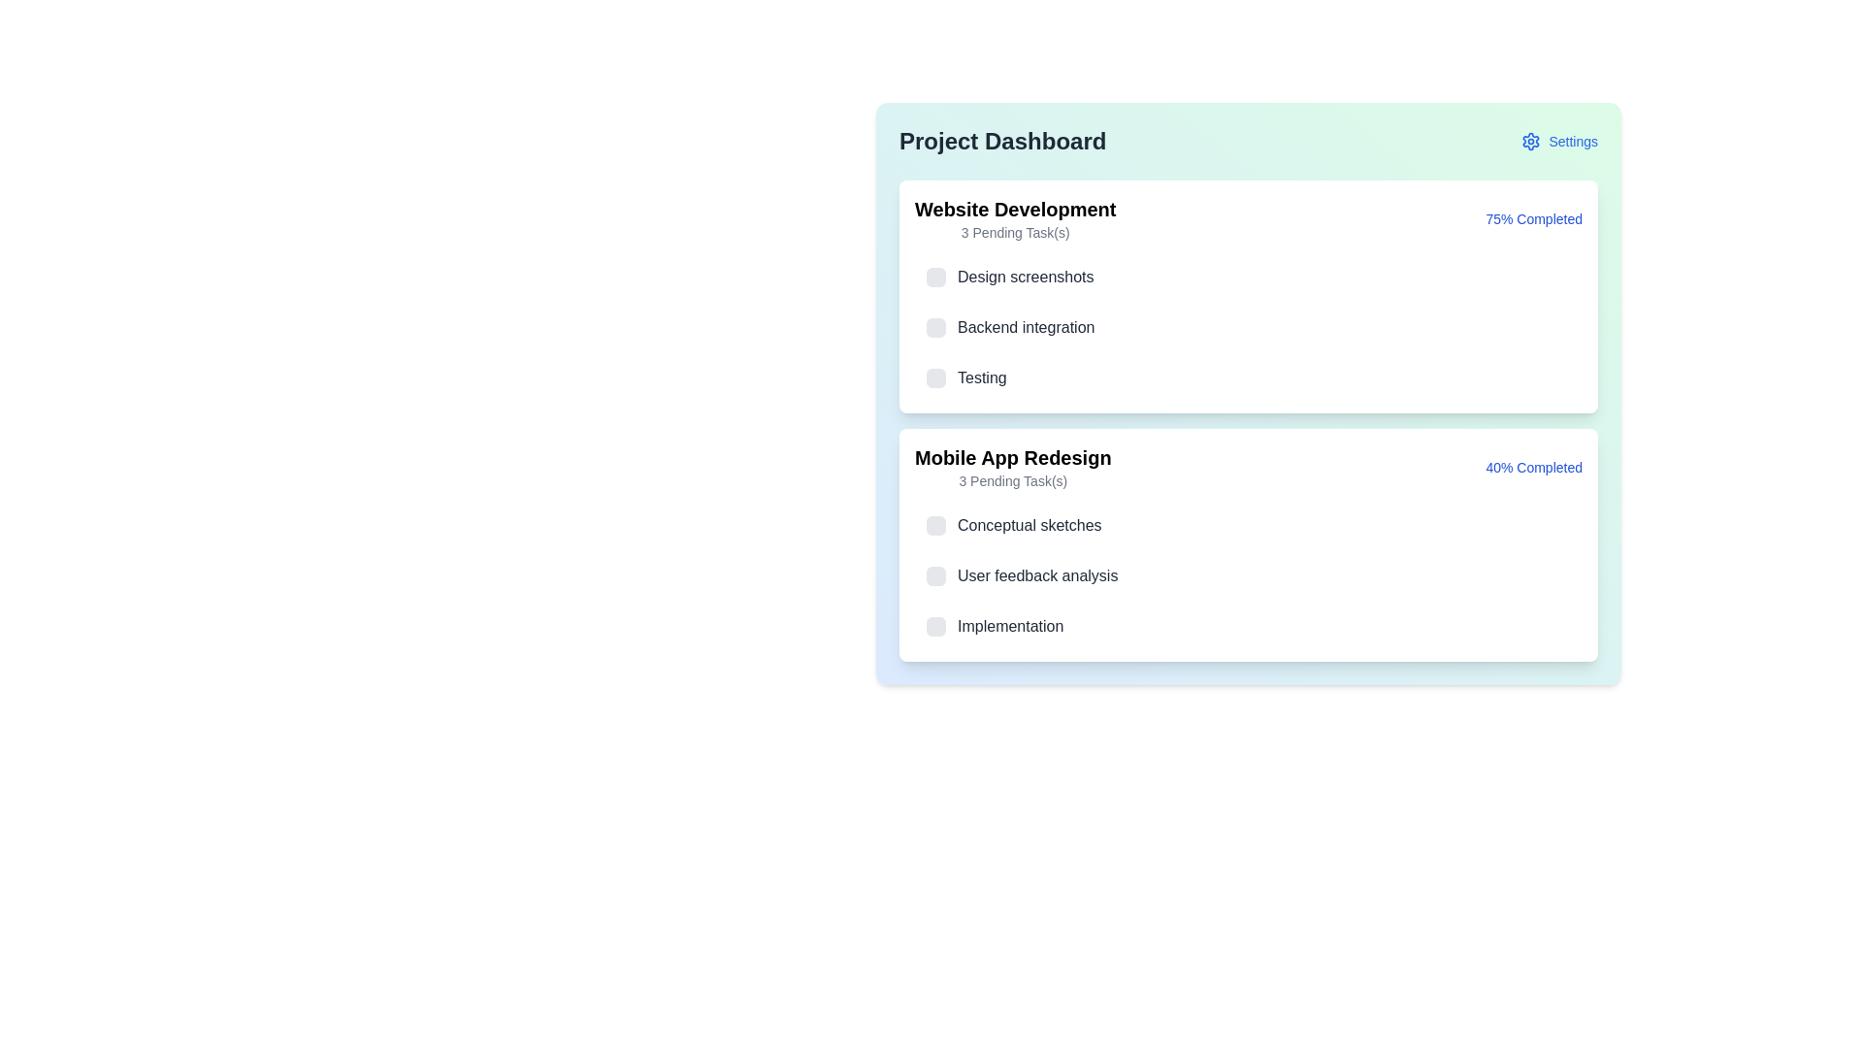 This screenshot has width=1863, height=1048. What do you see at coordinates (1248, 526) in the screenshot?
I see `the gray checkbox of the first task list item labeled 'Conceptual sketches' under the 'Mobile App Redesign' section to mark the task` at bounding box center [1248, 526].